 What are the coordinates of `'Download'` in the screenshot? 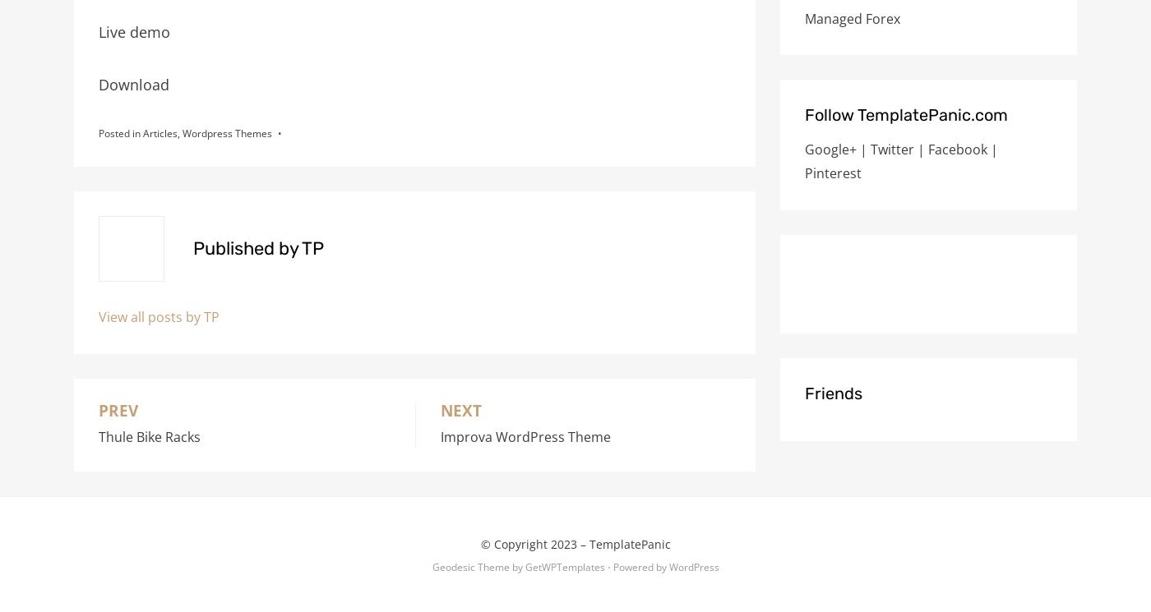 It's located at (133, 84).